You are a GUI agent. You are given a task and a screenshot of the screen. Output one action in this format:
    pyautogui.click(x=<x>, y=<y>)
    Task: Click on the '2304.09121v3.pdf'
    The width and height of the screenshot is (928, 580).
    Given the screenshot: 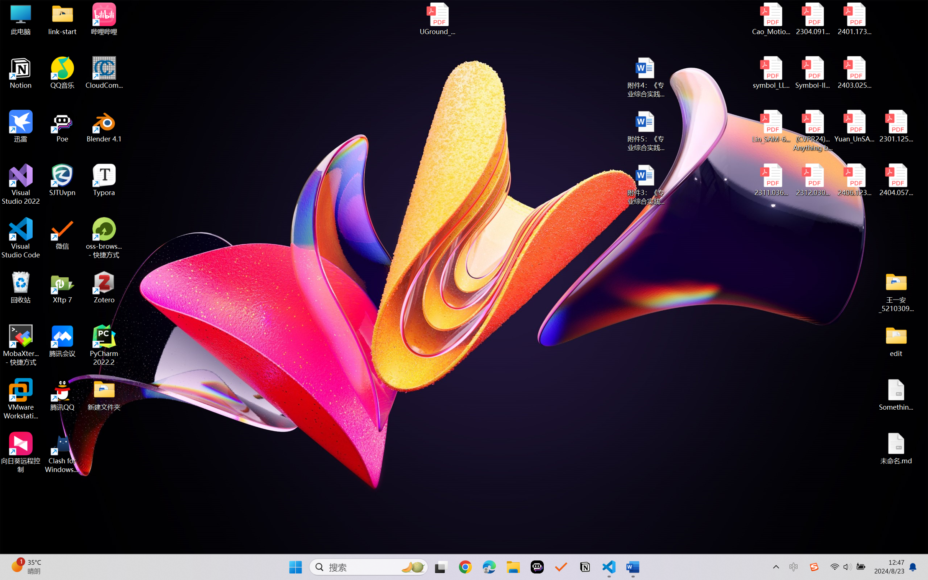 What is the action you would take?
    pyautogui.click(x=812, y=19)
    